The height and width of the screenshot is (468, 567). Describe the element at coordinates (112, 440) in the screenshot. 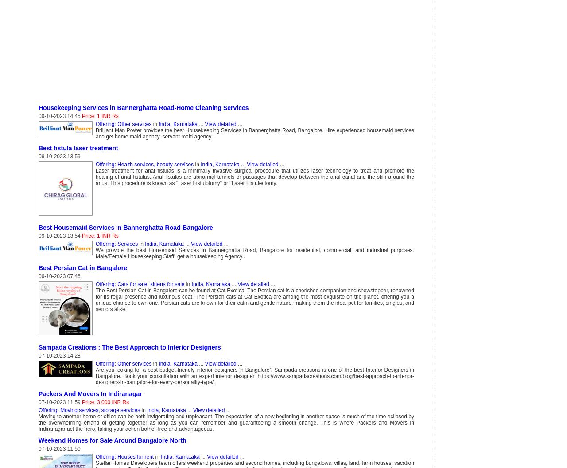

I see `'Weekend Homes for Sale Around Bangalore North'` at that location.